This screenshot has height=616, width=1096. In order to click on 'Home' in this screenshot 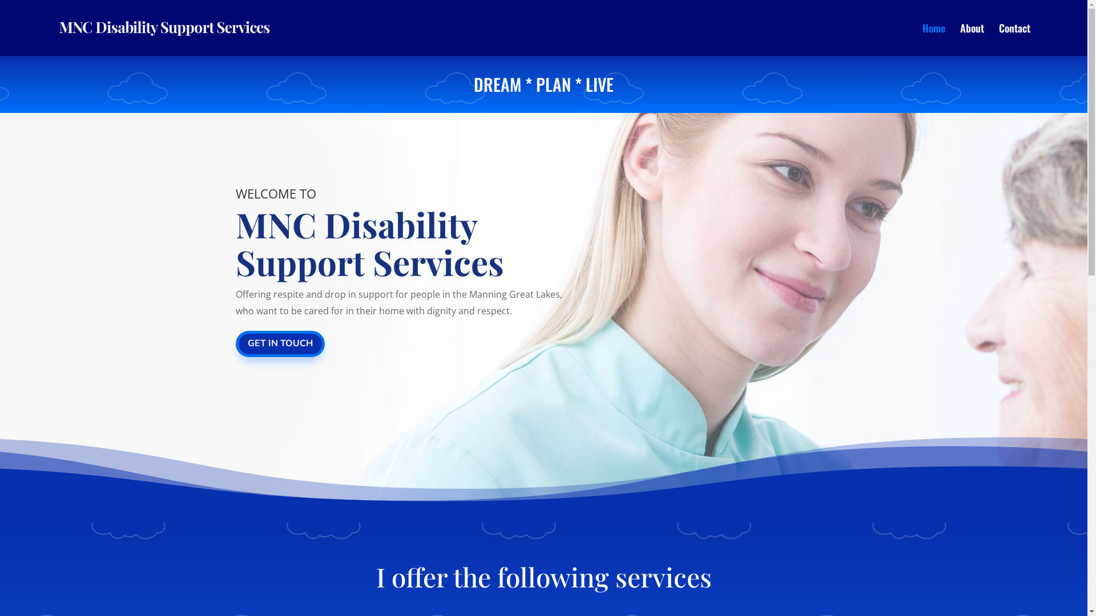, I will do `click(922, 39)`.